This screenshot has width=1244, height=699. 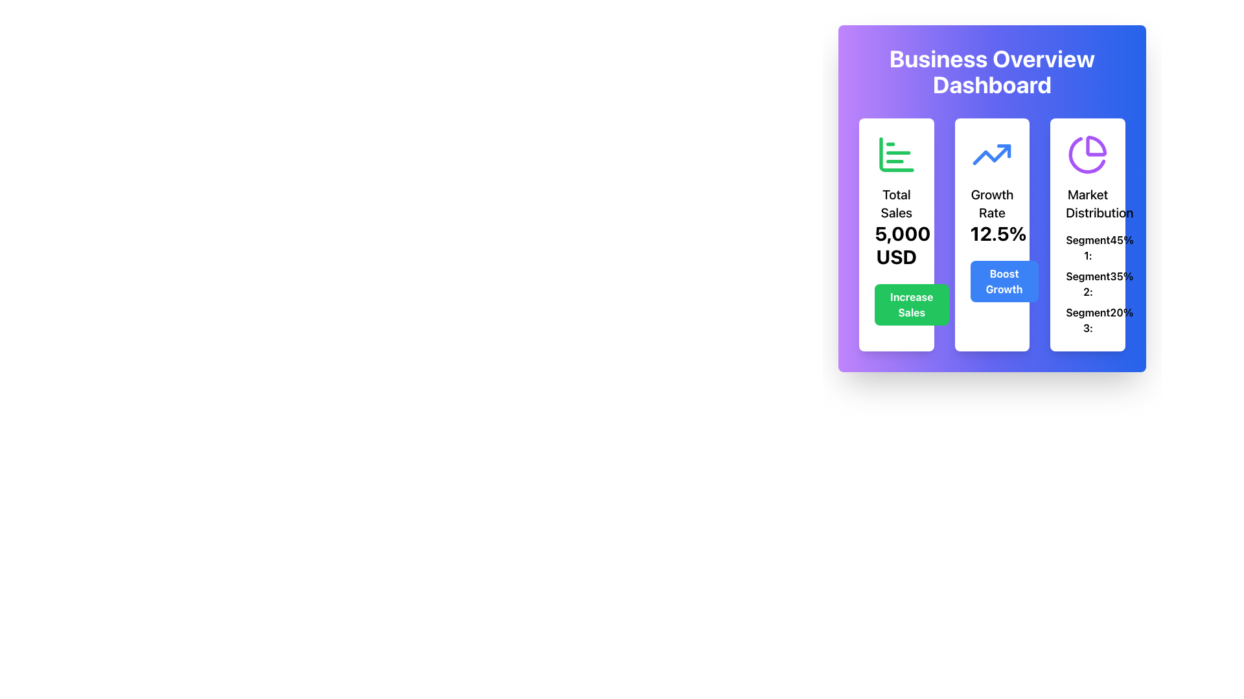 I want to click on properties of the blue and red line segment forming part of the upward-trending arrow within the 'Growth Rate' graphical icon, so click(x=1004, y=150).